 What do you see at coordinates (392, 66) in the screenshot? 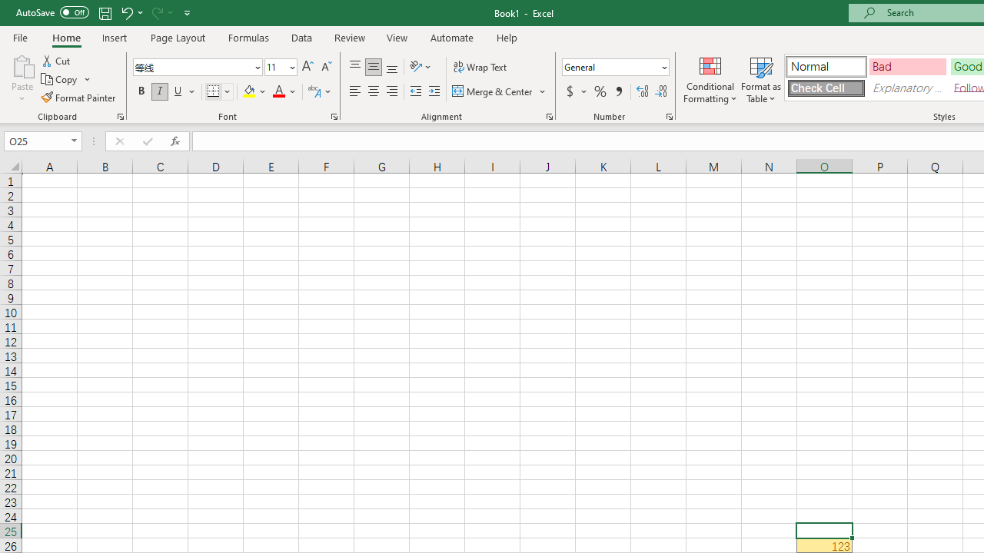
I see `'Bottom Align'` at bounding box center [392, 66].